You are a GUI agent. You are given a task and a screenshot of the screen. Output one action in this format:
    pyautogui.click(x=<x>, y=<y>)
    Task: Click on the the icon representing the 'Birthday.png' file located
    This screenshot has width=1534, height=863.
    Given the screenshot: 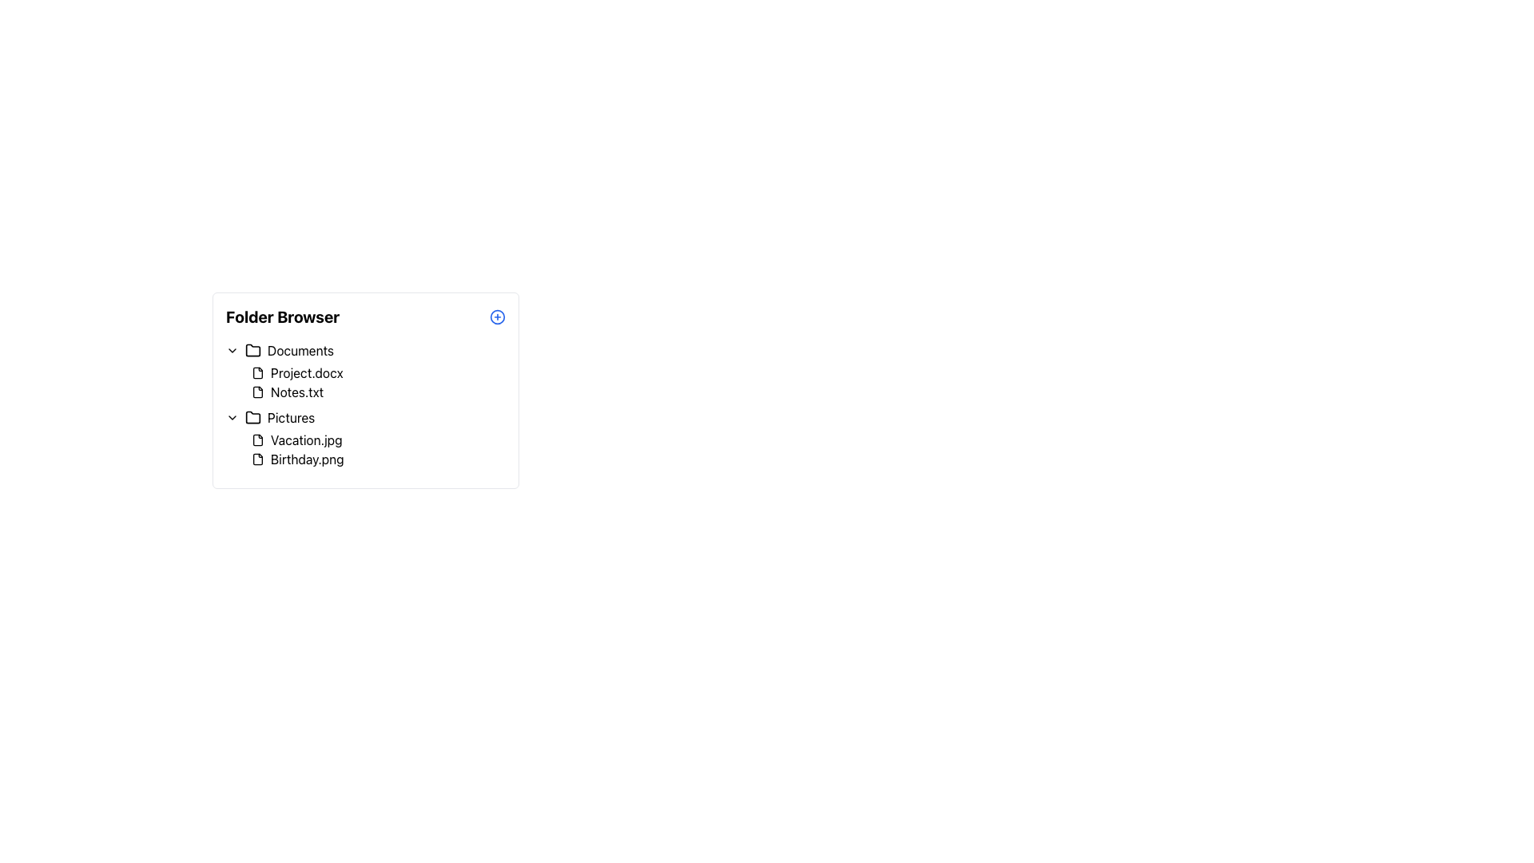 What is the action you would take?
    pyautogui.click(x=257, y=459)
    